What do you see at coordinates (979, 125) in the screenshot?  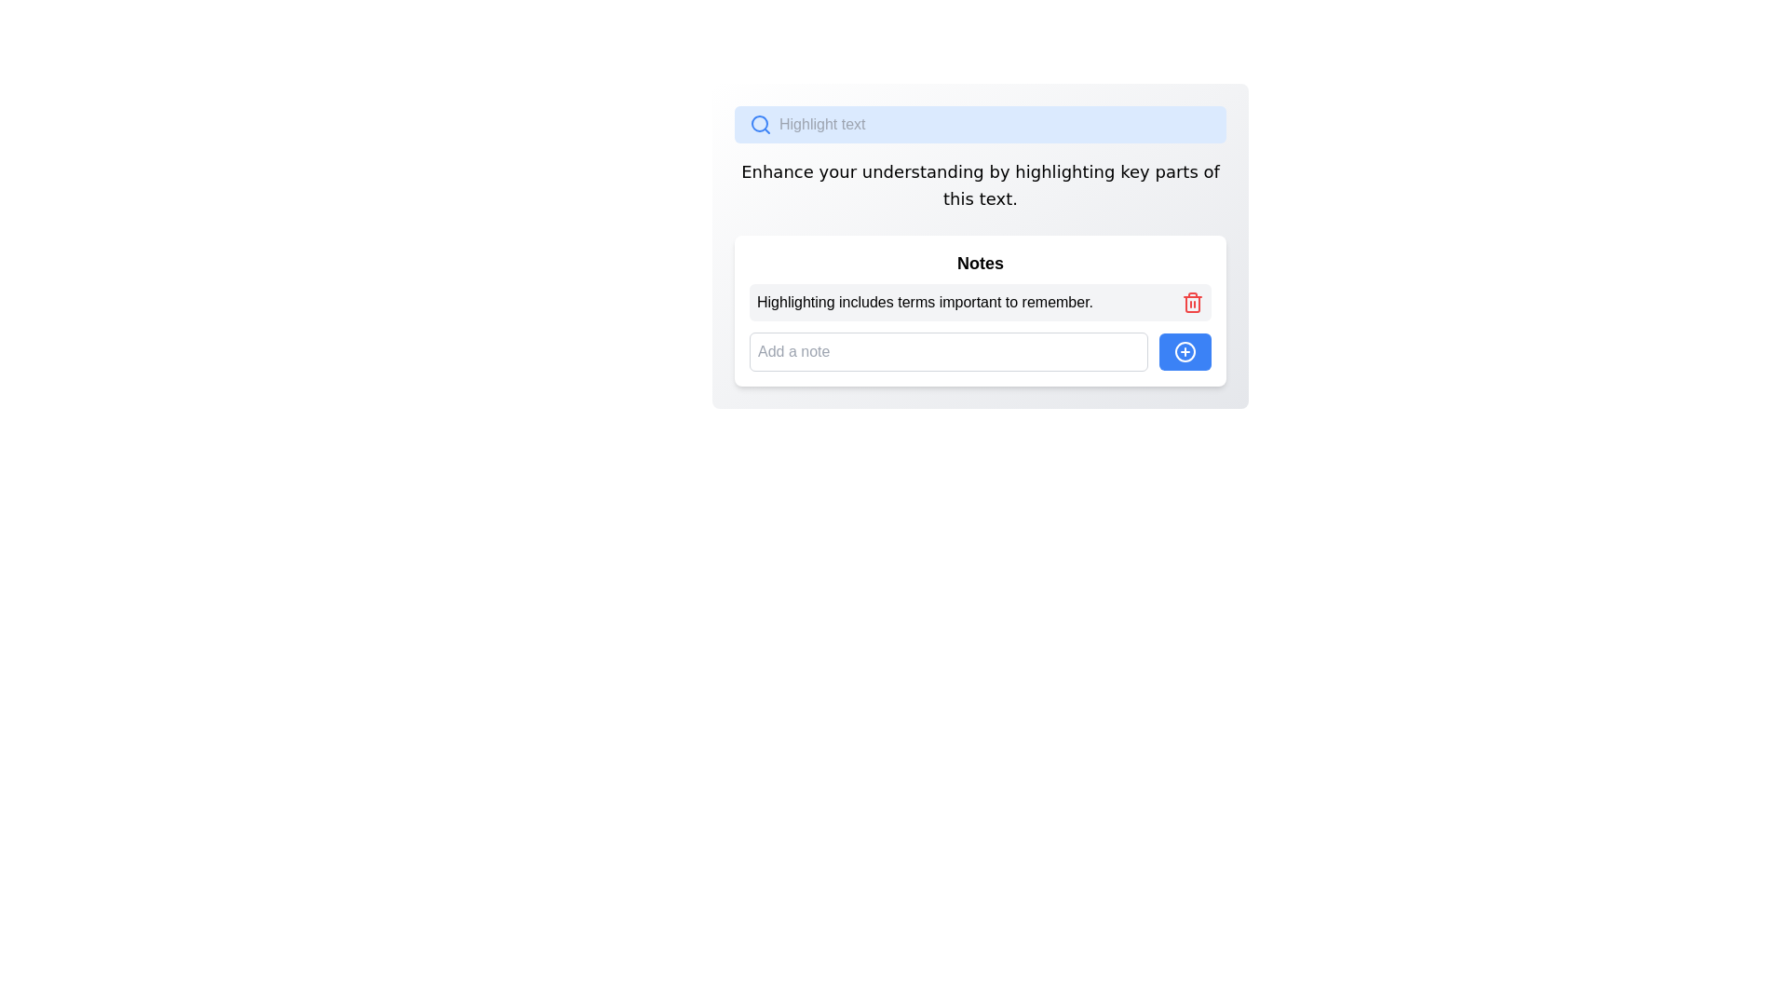 I see `the cursor` at bounding box center [979, 125].